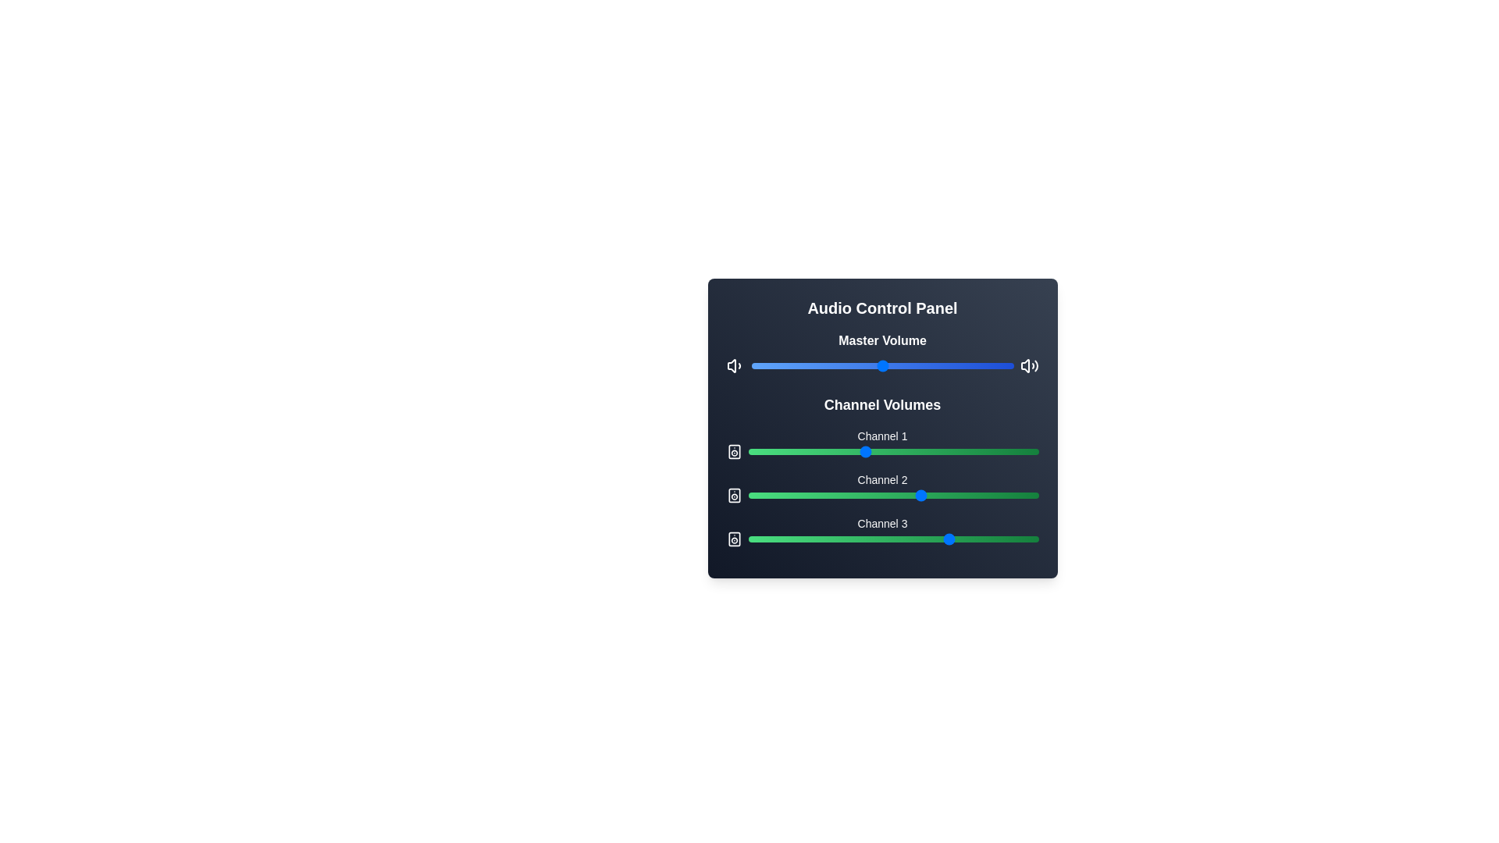 This screenshot has height=843, width=1499. Describe the element at coordinates (893, 451) in the screenshot. I see `the Channel 1 volume control range slider to reposition the blue handle` at that location.